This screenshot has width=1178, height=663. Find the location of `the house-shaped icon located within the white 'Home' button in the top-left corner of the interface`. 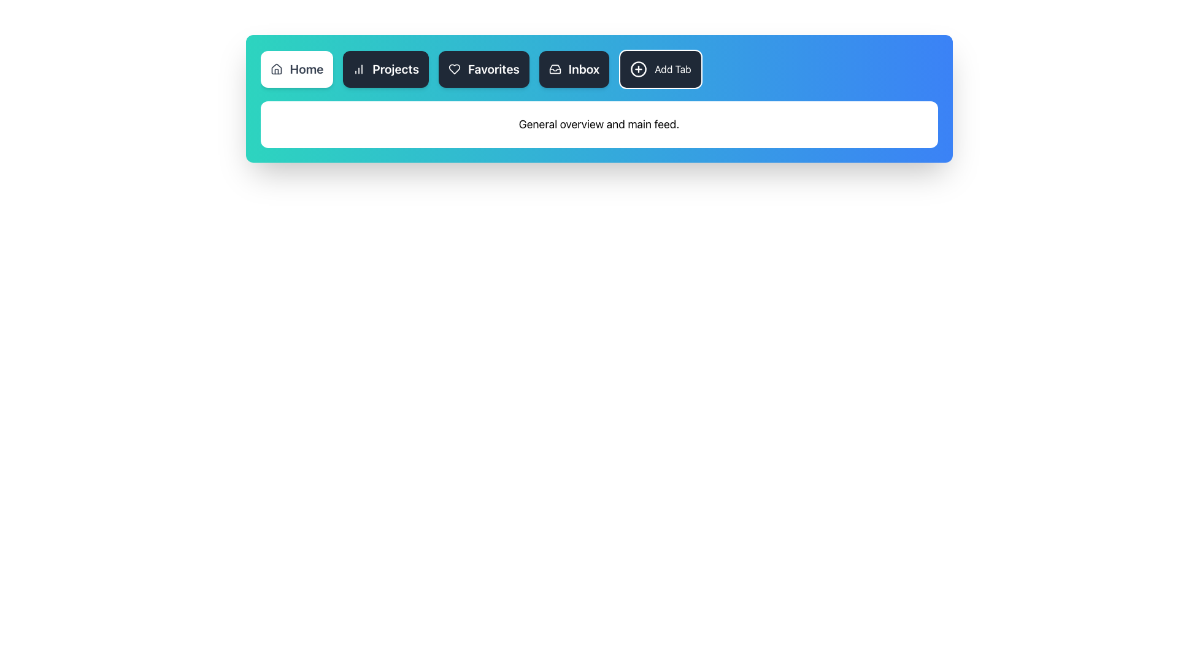

the house-shaped icon located within the white 'Home' button in the top-left corner of the interface is located at coordinates (275, 69).